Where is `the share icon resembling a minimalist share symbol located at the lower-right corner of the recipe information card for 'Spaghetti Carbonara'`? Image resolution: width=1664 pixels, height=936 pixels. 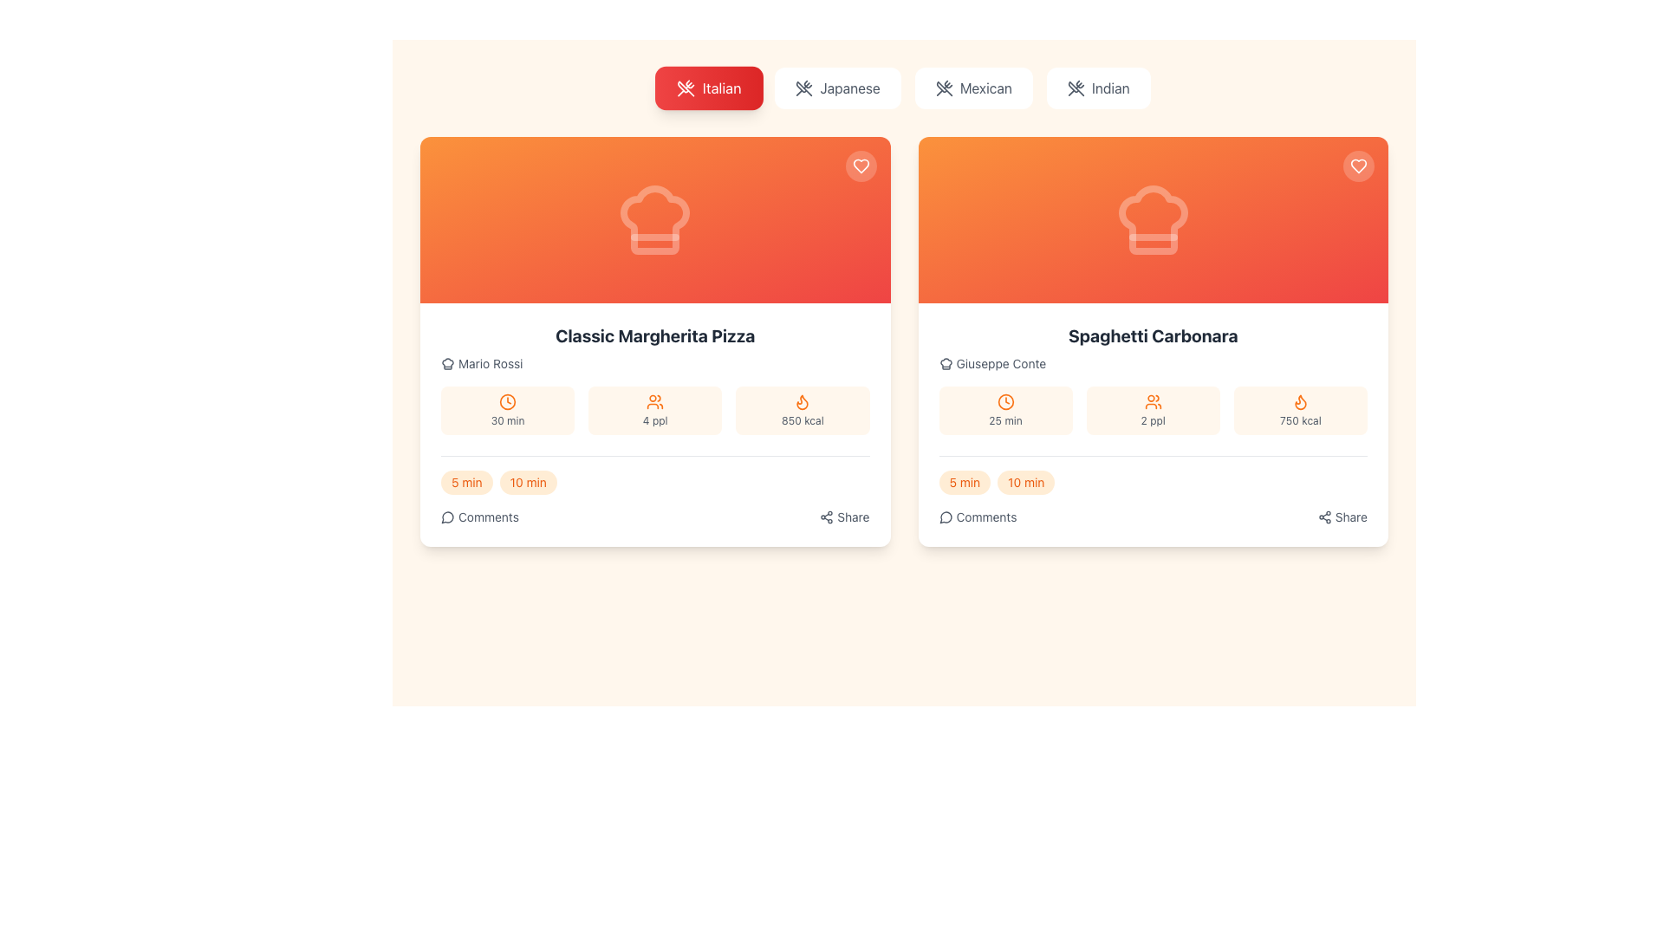
the share icon resembling a minimalist share symbol located at the lower-right corner of the recipe information card for 'Spaghetti Carbonara' is located at coordinates (1323, 517).